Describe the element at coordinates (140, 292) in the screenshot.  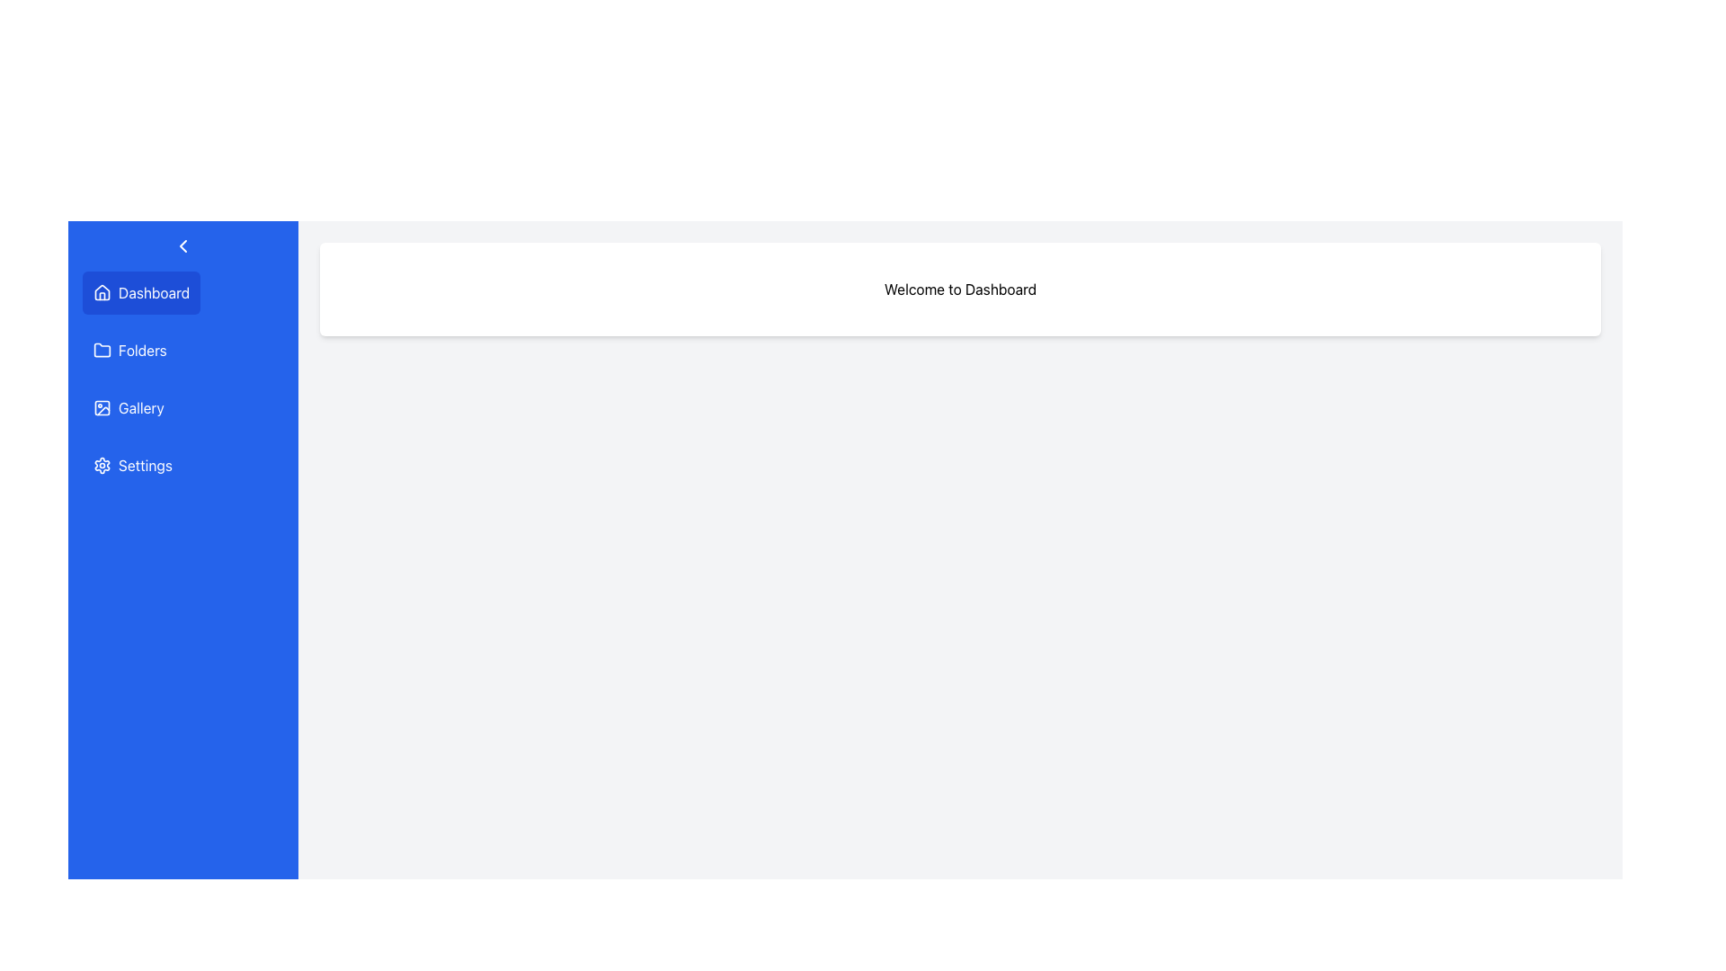
I see `the navigation button for accessing the 'Dashboard' section, which is located at the top of the sidebar navigation menu` at that location.